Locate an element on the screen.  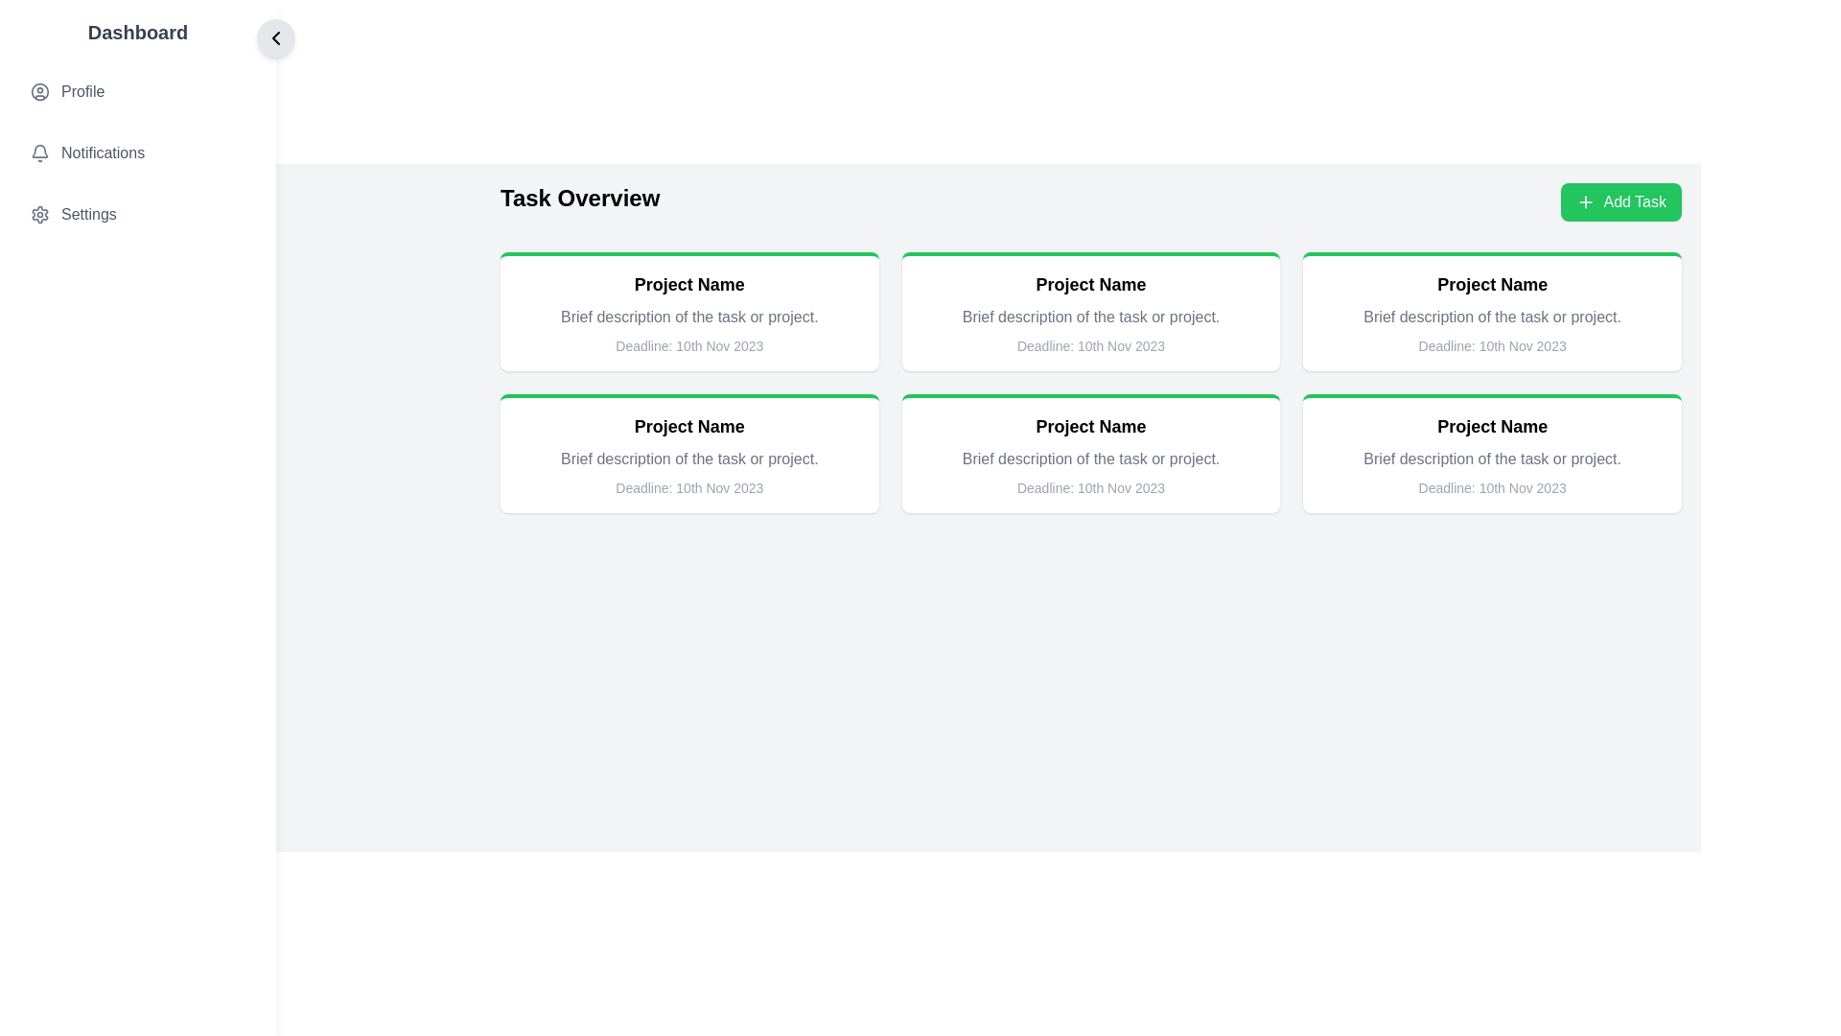
text content of the bold static label that displays 'Project Name', positioned at the top-center of a green-bordered box is located at coordinates (1090, 285).